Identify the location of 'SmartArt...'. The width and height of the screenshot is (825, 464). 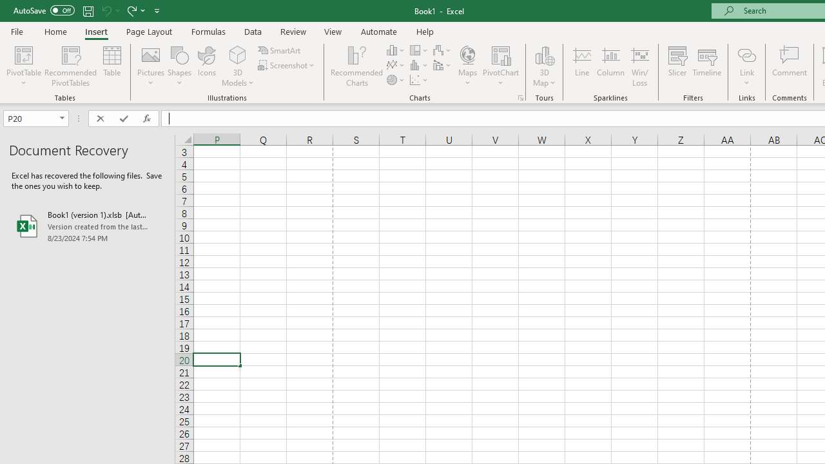
(280, 50).